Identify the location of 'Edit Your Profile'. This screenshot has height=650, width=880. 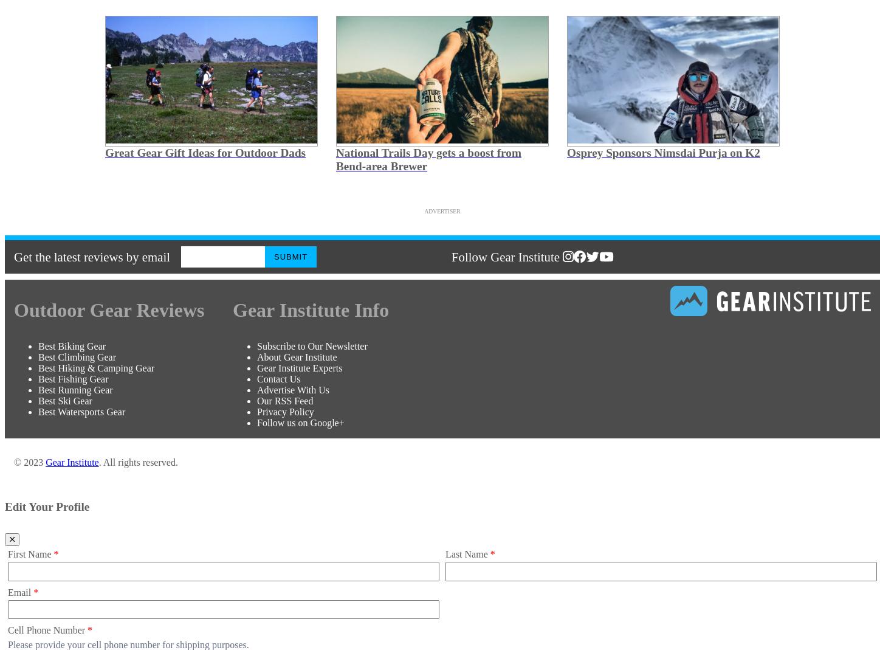
(4, 507).